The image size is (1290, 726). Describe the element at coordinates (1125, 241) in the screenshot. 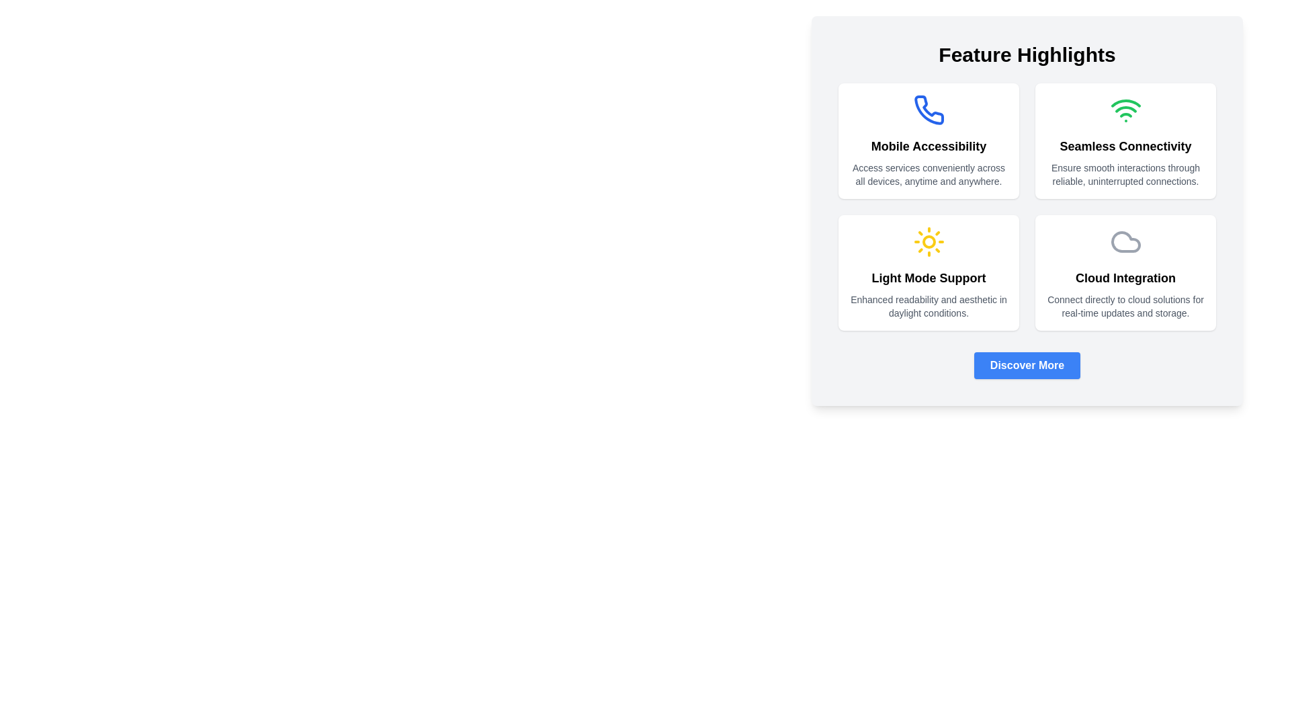

I see `the cloud integration icon located in the top center of the 'Cloud Integration' card in the 'Feature Highlights' section` at that location.